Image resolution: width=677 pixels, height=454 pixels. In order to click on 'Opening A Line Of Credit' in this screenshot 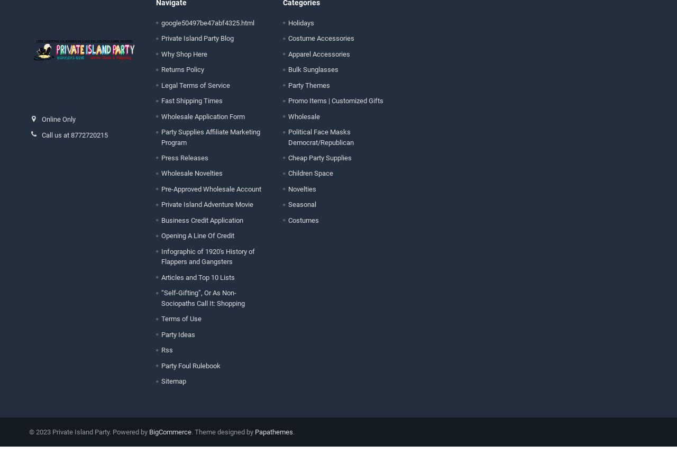, I will do `click(197, 243)`.